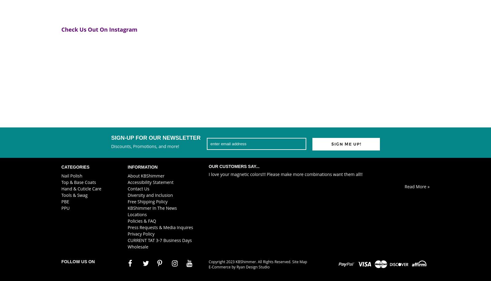  Describe the element at coordinates (209, 166) in the screenshot. I see `'Our Customers Say...'` at that location.